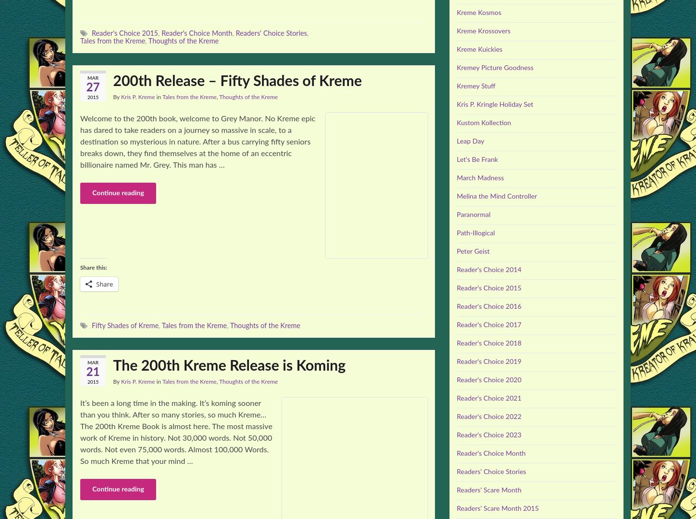 The height and width of the screenshot is (519, 696). I want to click on 'Kreme Kosmos', so click(478, 12).